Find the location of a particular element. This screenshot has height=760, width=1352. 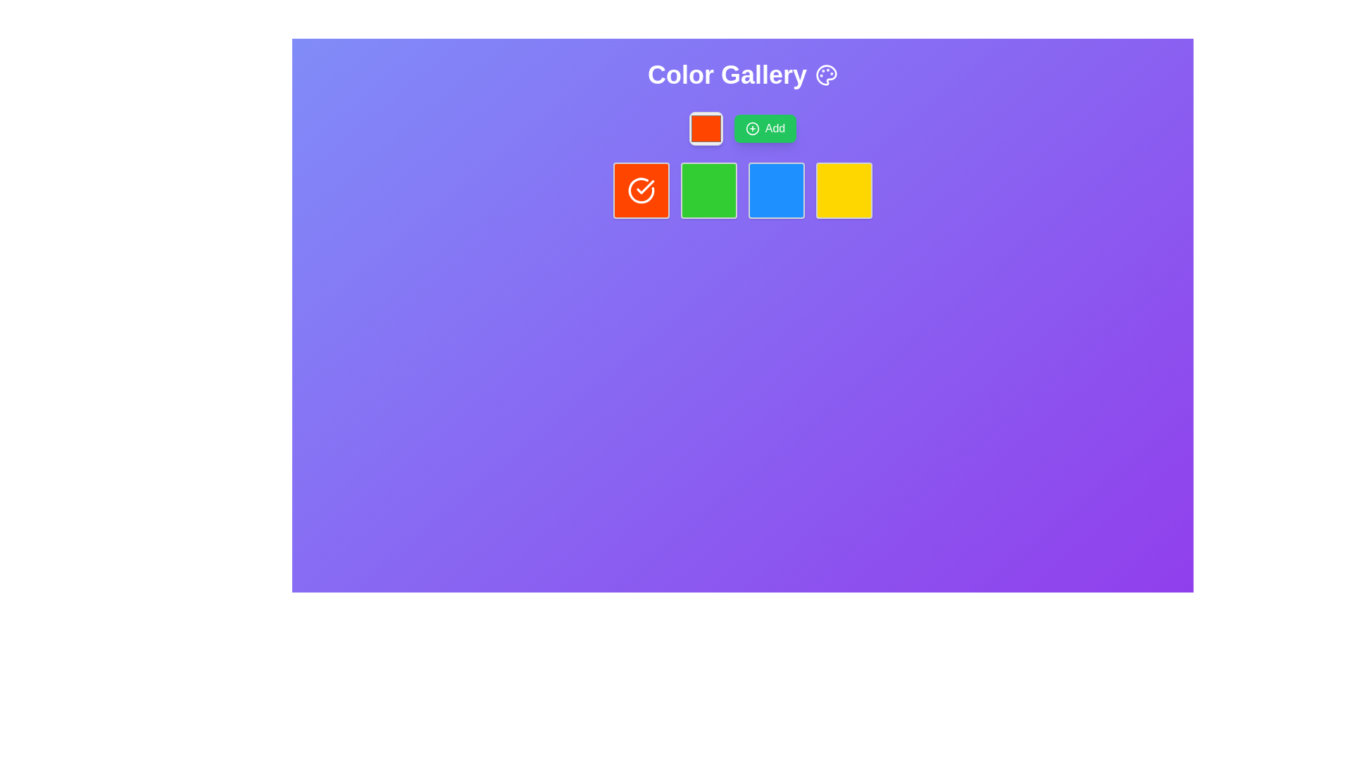

the third button-like component in the Color Gallery section of the interface is located at coordinates (709, 190).